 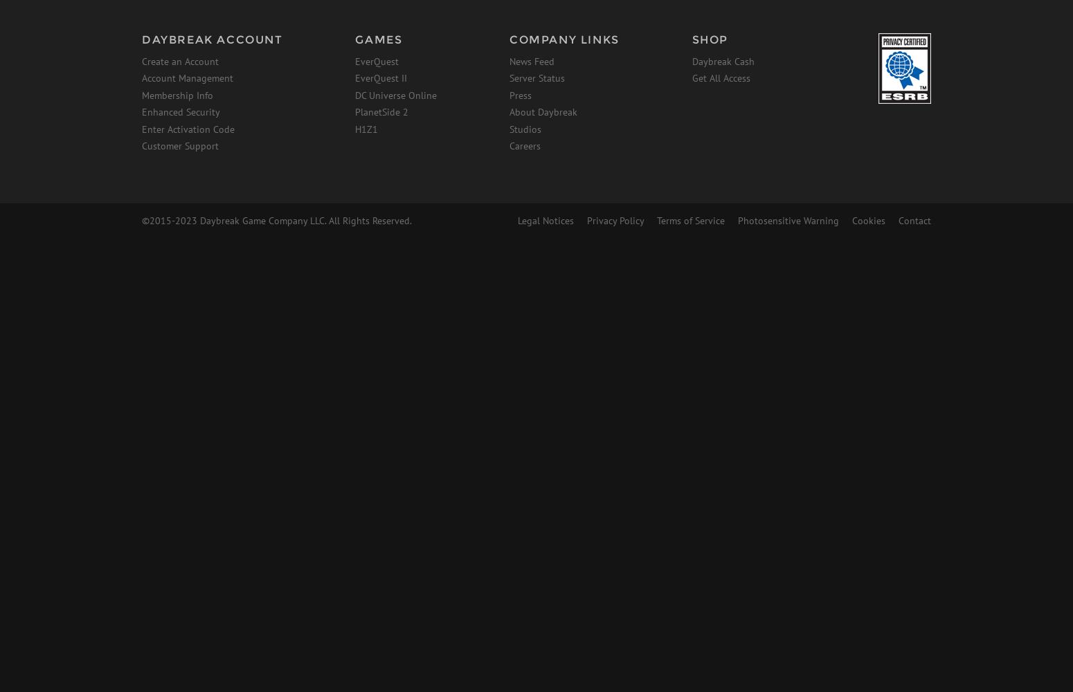 I want to click on '2023', so click(x=186, y=219).